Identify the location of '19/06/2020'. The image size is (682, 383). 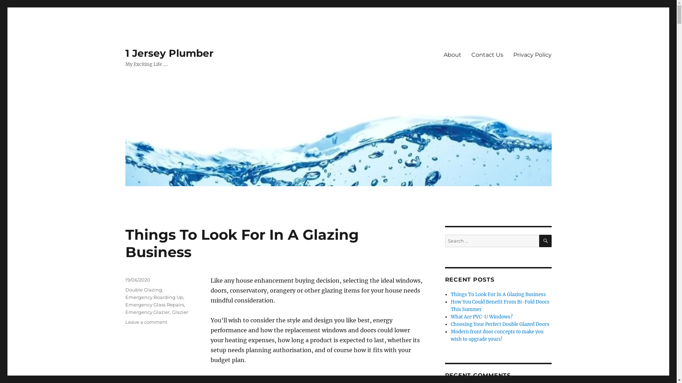
(125, 279).